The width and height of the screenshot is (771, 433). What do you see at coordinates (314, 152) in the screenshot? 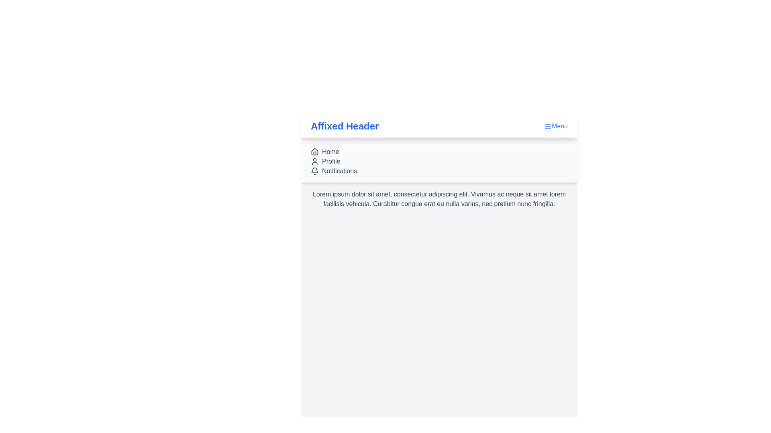
I see `the minimalist house icon located to the left of the 'Home' label` at bounding box center [314, 152].